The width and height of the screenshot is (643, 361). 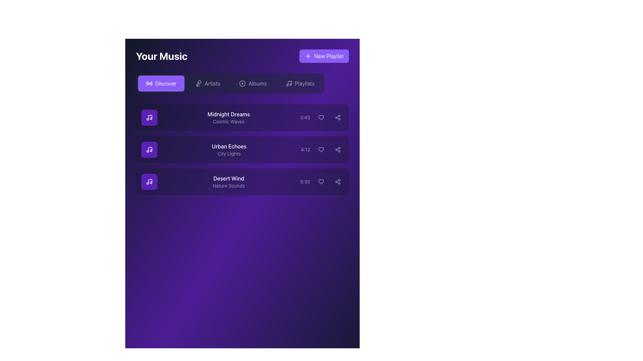 What do you see at coordinates (322, 149) in the screenshot?
I see `the heart-shaped button located next to the duration display '4:12' to mark it as favorite` at bounding box center [322, 149].